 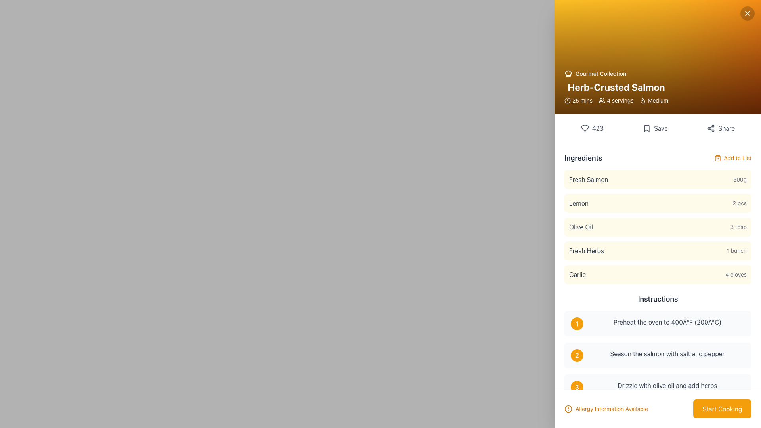 I want to click on the fourth static list item in the ingredient list displaying 'Fresh Herbs', located between 'Olive Oil' and 'Garlic', so click(x=658, y=250).